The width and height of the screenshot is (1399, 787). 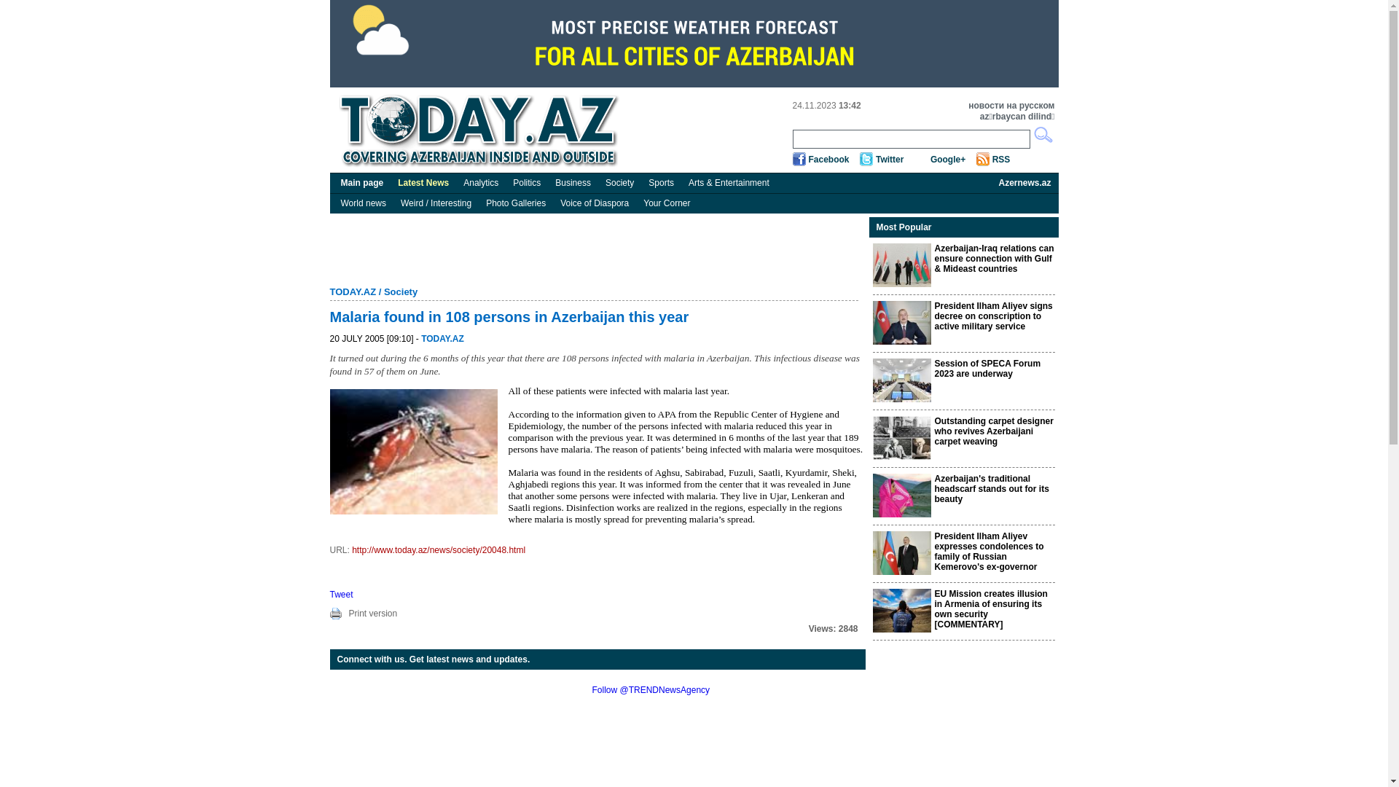 What do you see at coordinates (591, 689) in the screenshot?
I see `'Follow @TRENDNewsAgency'` at bounding box center [591, 689].